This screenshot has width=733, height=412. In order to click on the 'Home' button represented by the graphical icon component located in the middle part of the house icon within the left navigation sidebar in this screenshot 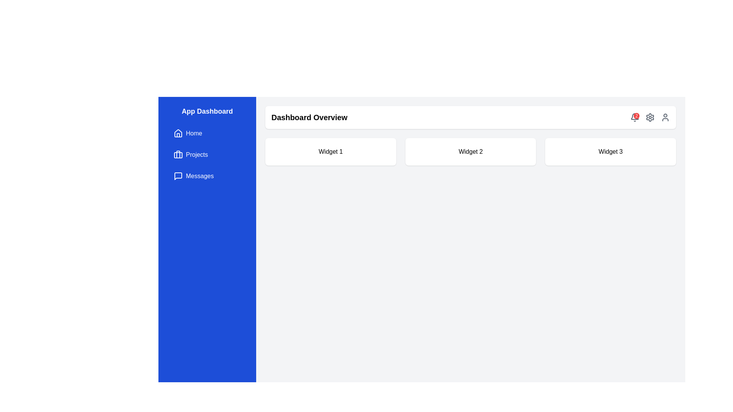, I will do `click(178, 135)`.